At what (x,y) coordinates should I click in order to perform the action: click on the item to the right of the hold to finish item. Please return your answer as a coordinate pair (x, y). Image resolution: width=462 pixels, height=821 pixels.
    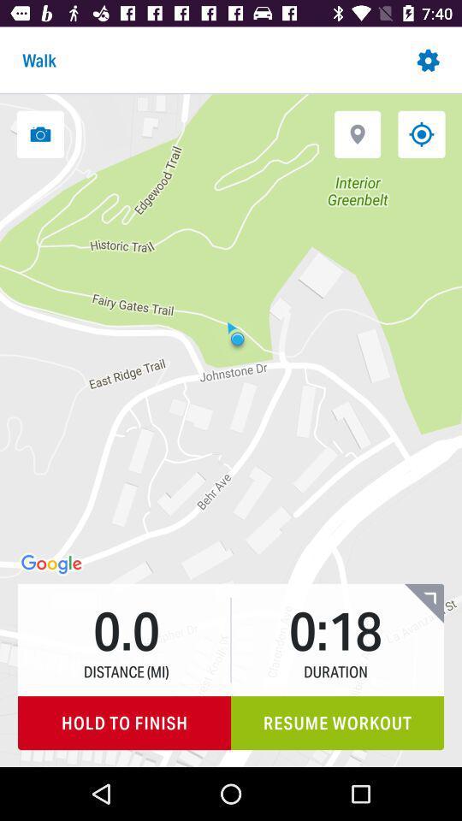
    Looking at the image, I should click on (337, 722).